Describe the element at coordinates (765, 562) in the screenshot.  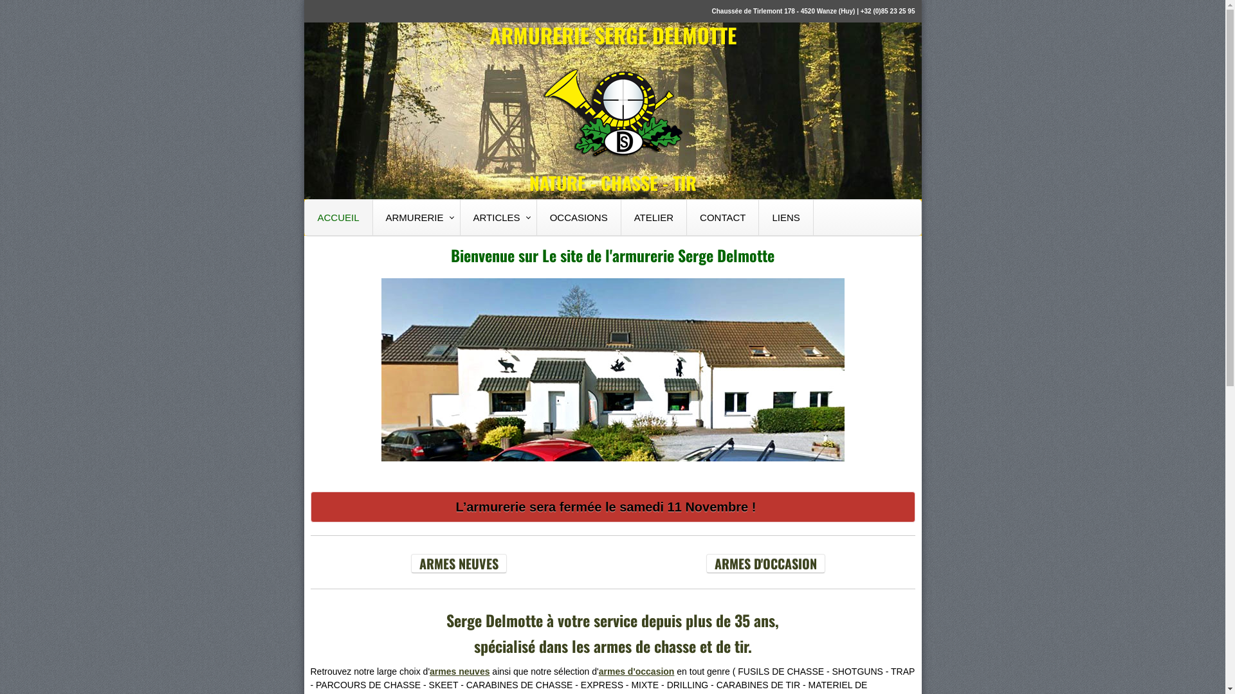
I see `'ARMES D'OCCASION'` at that location.